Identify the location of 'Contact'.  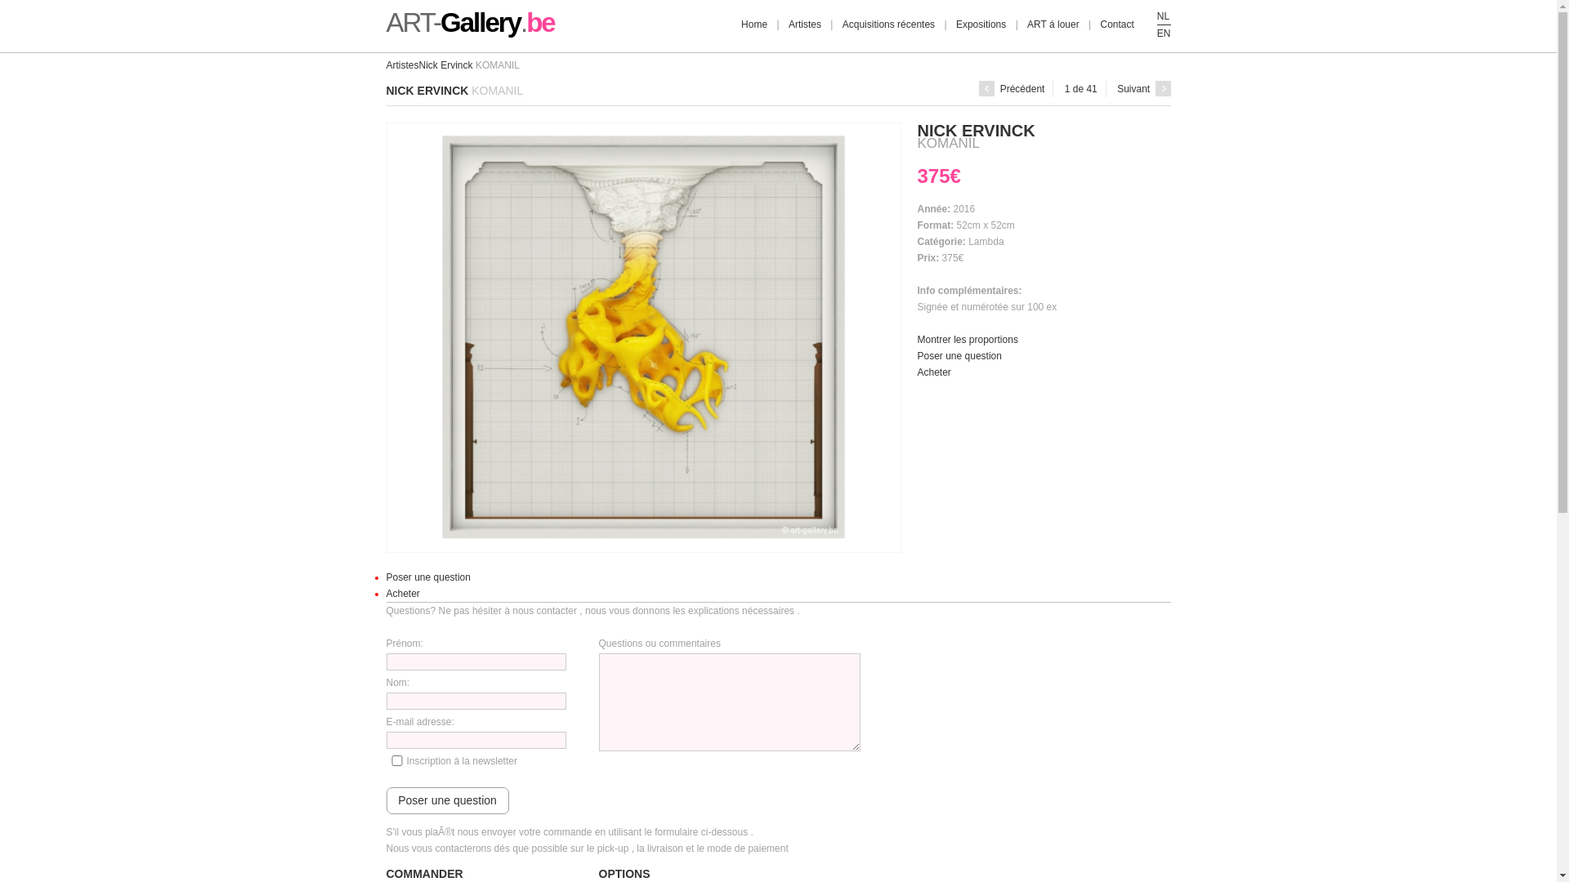
(1115, 24).